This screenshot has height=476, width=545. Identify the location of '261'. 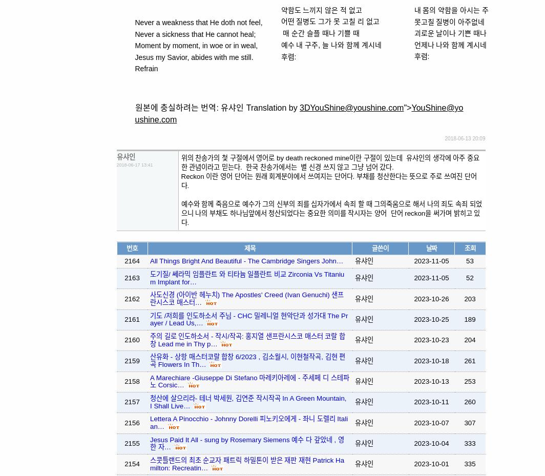
(469, 360).